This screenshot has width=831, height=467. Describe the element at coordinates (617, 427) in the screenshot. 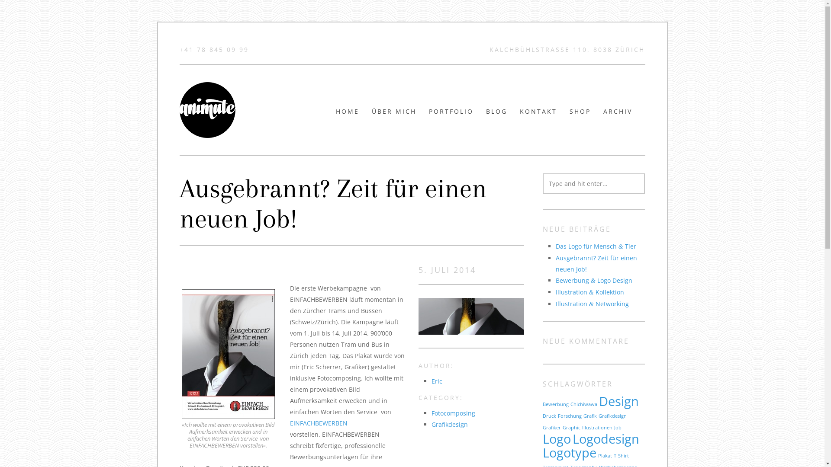

I see `'Job'` at that location.